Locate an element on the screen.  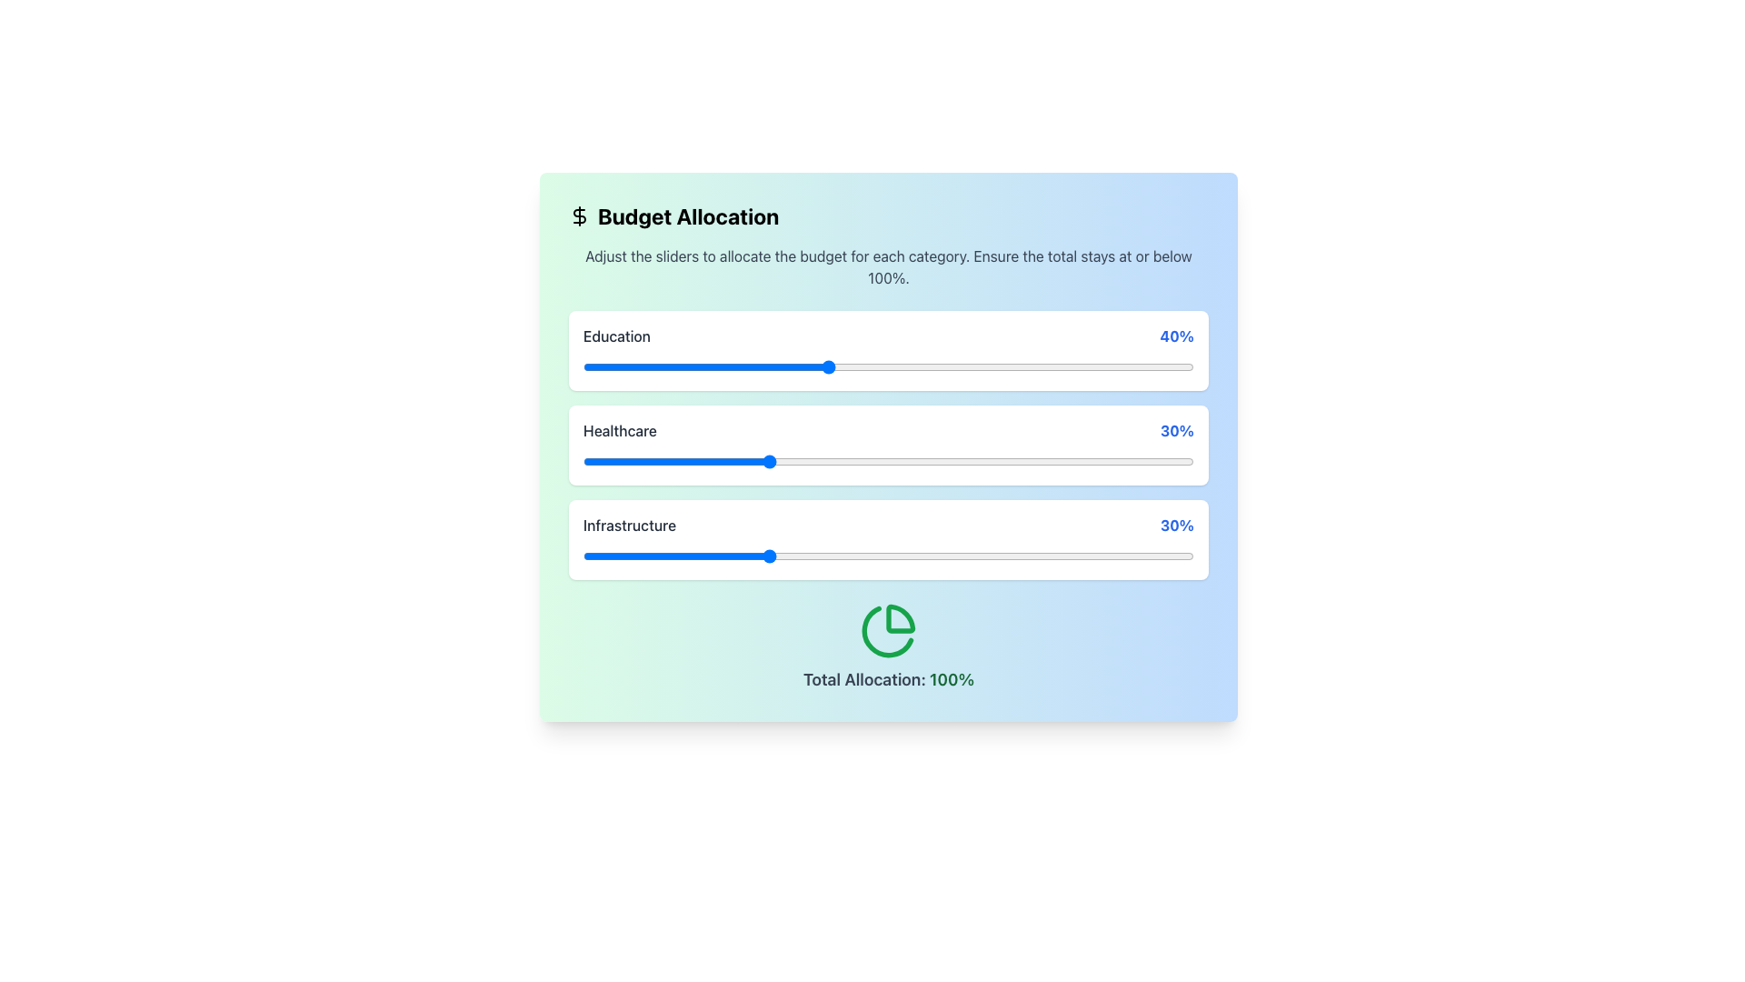
the Education allocation slider is located at coordinates (1047, 367).